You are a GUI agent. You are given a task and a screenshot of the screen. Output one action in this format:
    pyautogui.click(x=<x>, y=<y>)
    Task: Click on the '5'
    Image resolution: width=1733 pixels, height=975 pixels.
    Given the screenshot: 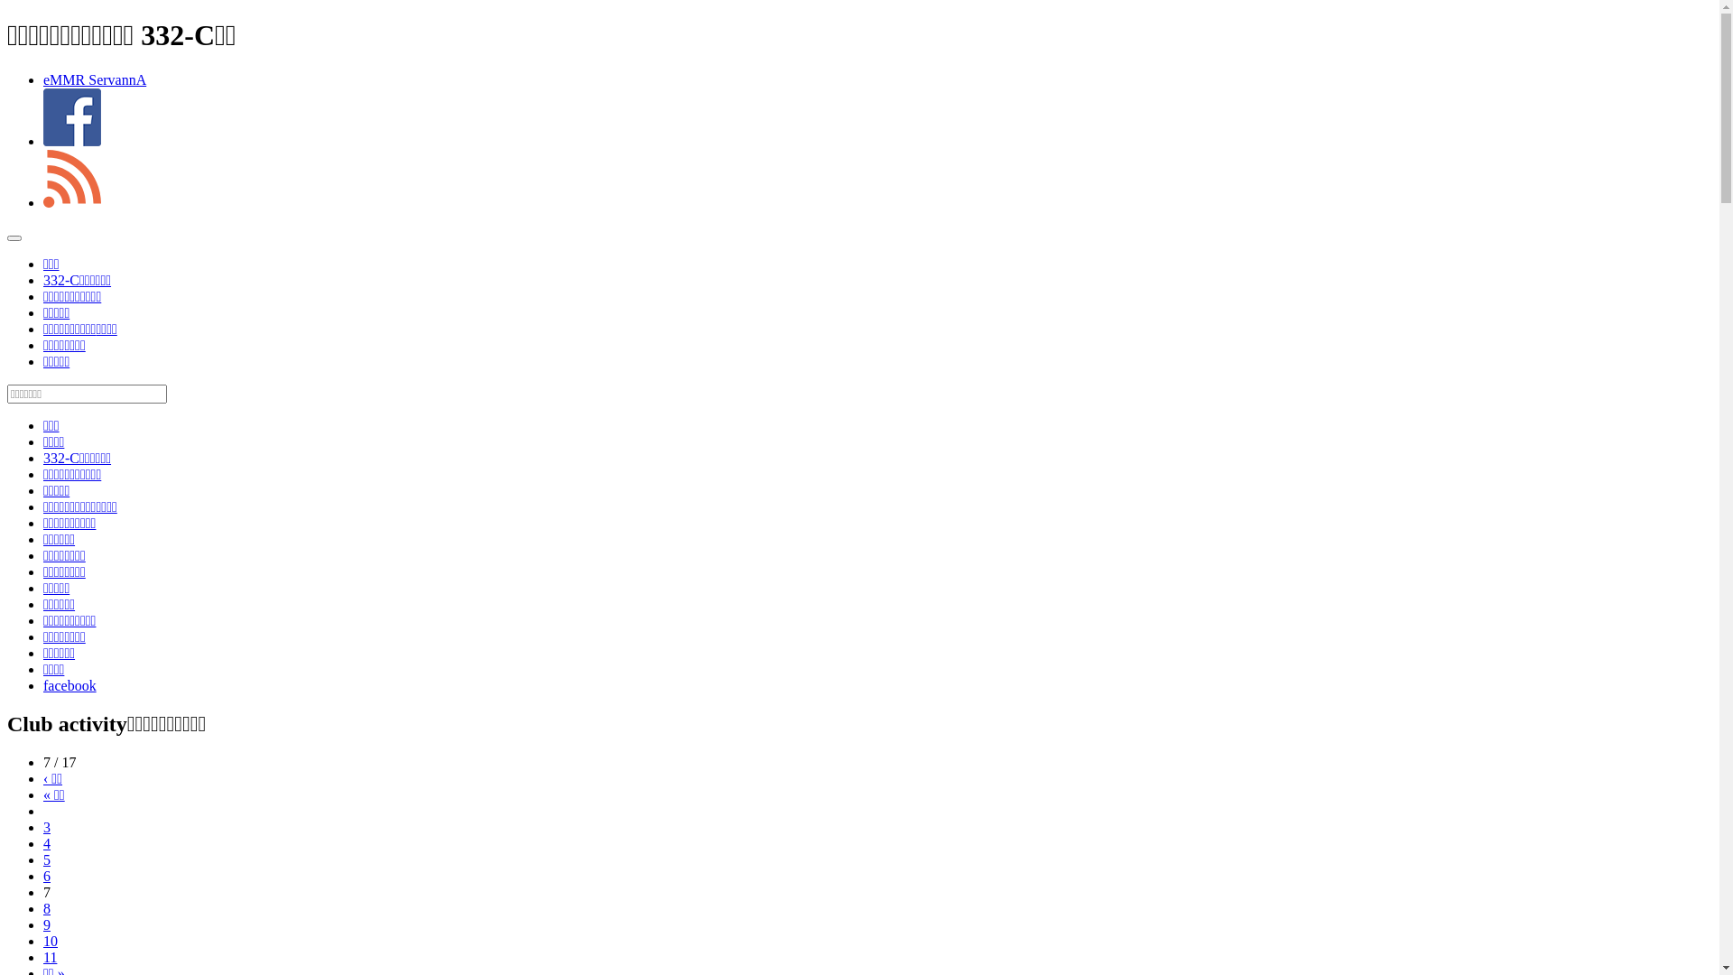 What is the action you would take?
    pyautogui.click(x=47, y=859)
    